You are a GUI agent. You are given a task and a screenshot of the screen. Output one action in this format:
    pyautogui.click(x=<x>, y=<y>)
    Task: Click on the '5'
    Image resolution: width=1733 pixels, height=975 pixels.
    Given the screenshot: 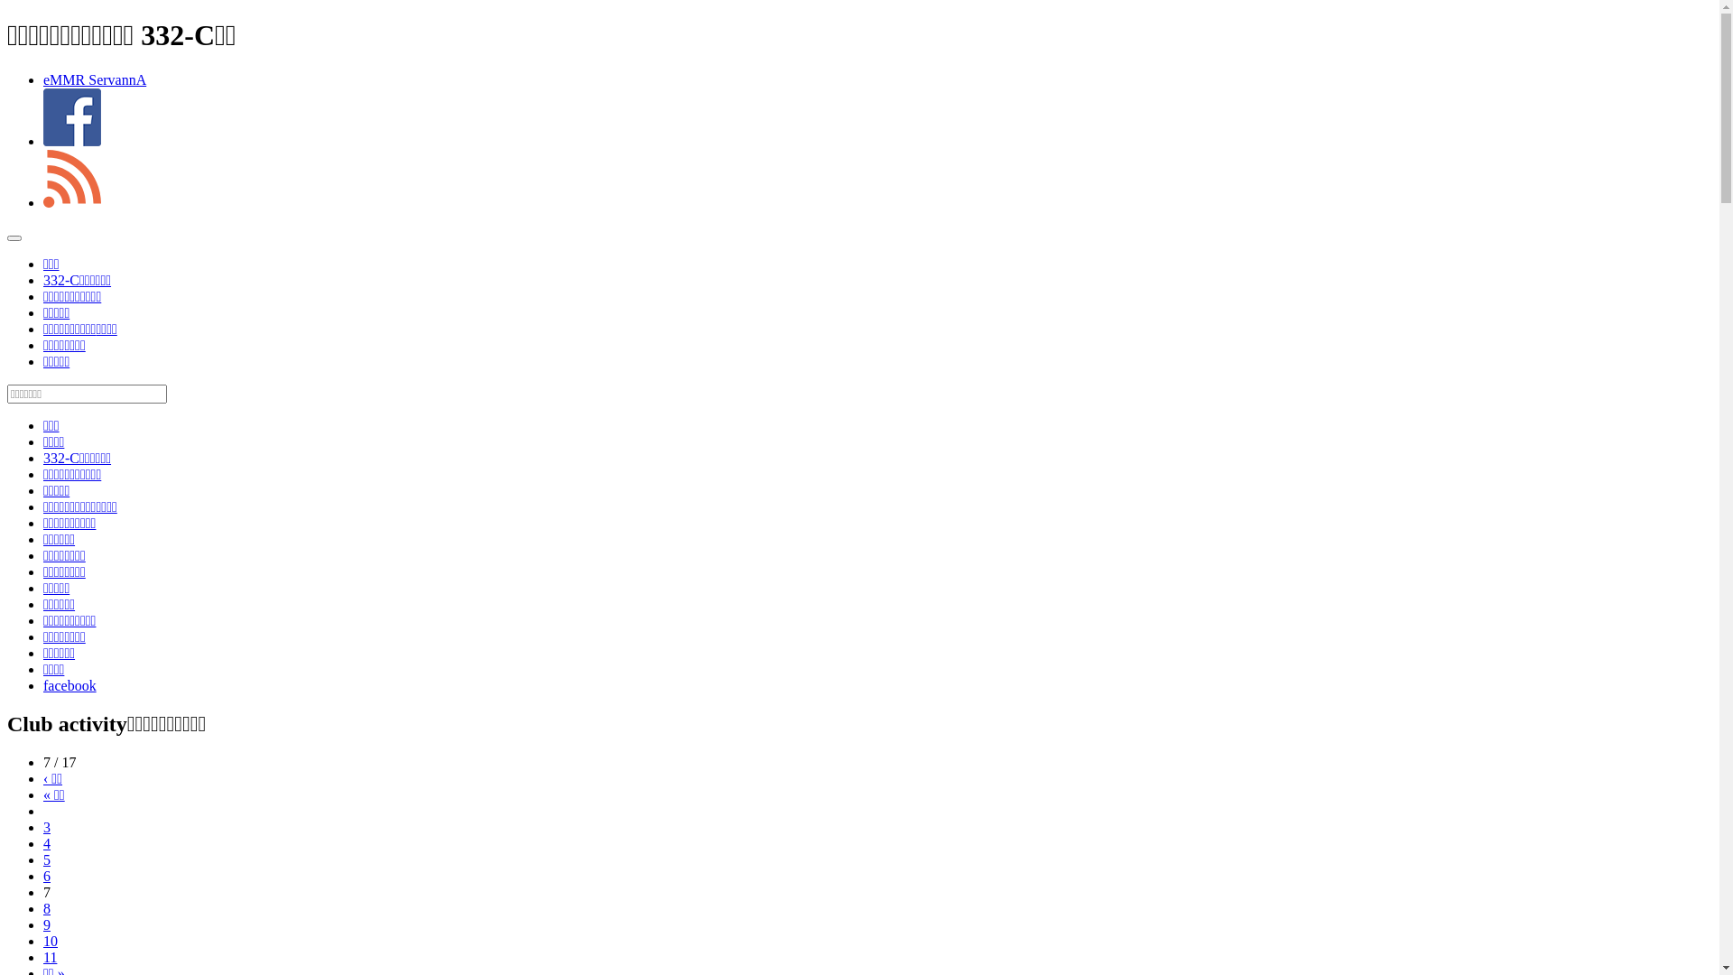 What is the action you would take?
    pyautogui.click(x=47, y=859)
    